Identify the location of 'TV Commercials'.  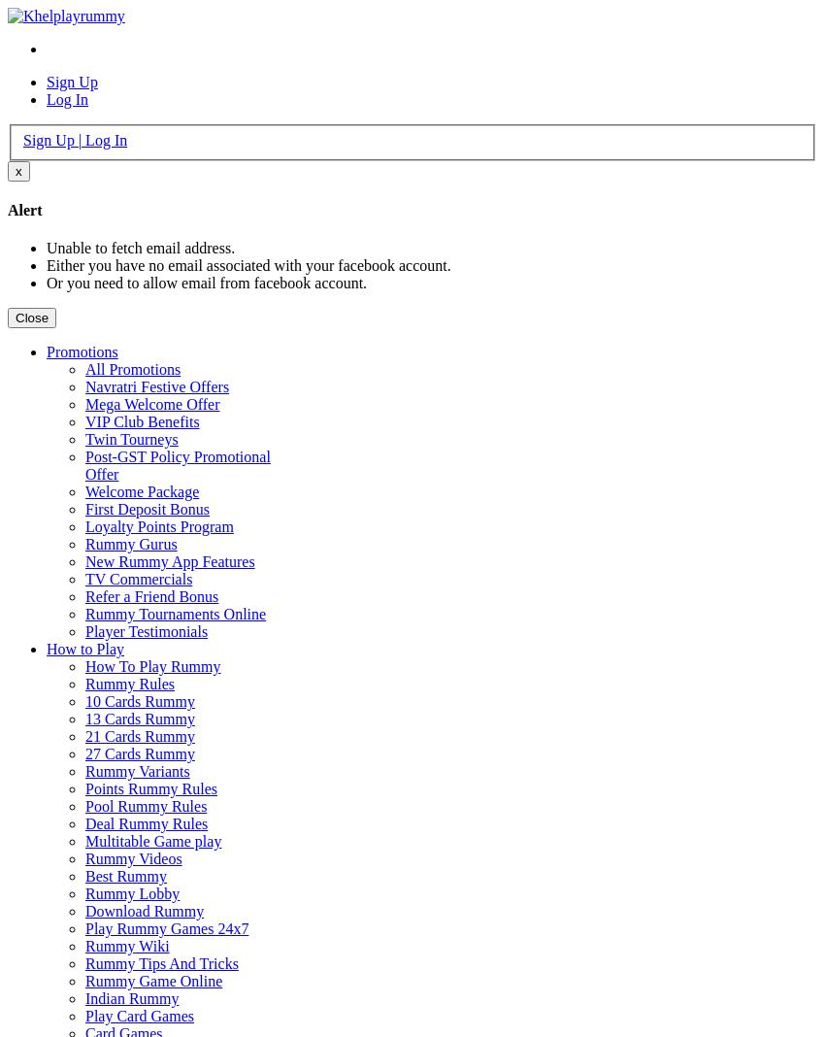
(138, 578).